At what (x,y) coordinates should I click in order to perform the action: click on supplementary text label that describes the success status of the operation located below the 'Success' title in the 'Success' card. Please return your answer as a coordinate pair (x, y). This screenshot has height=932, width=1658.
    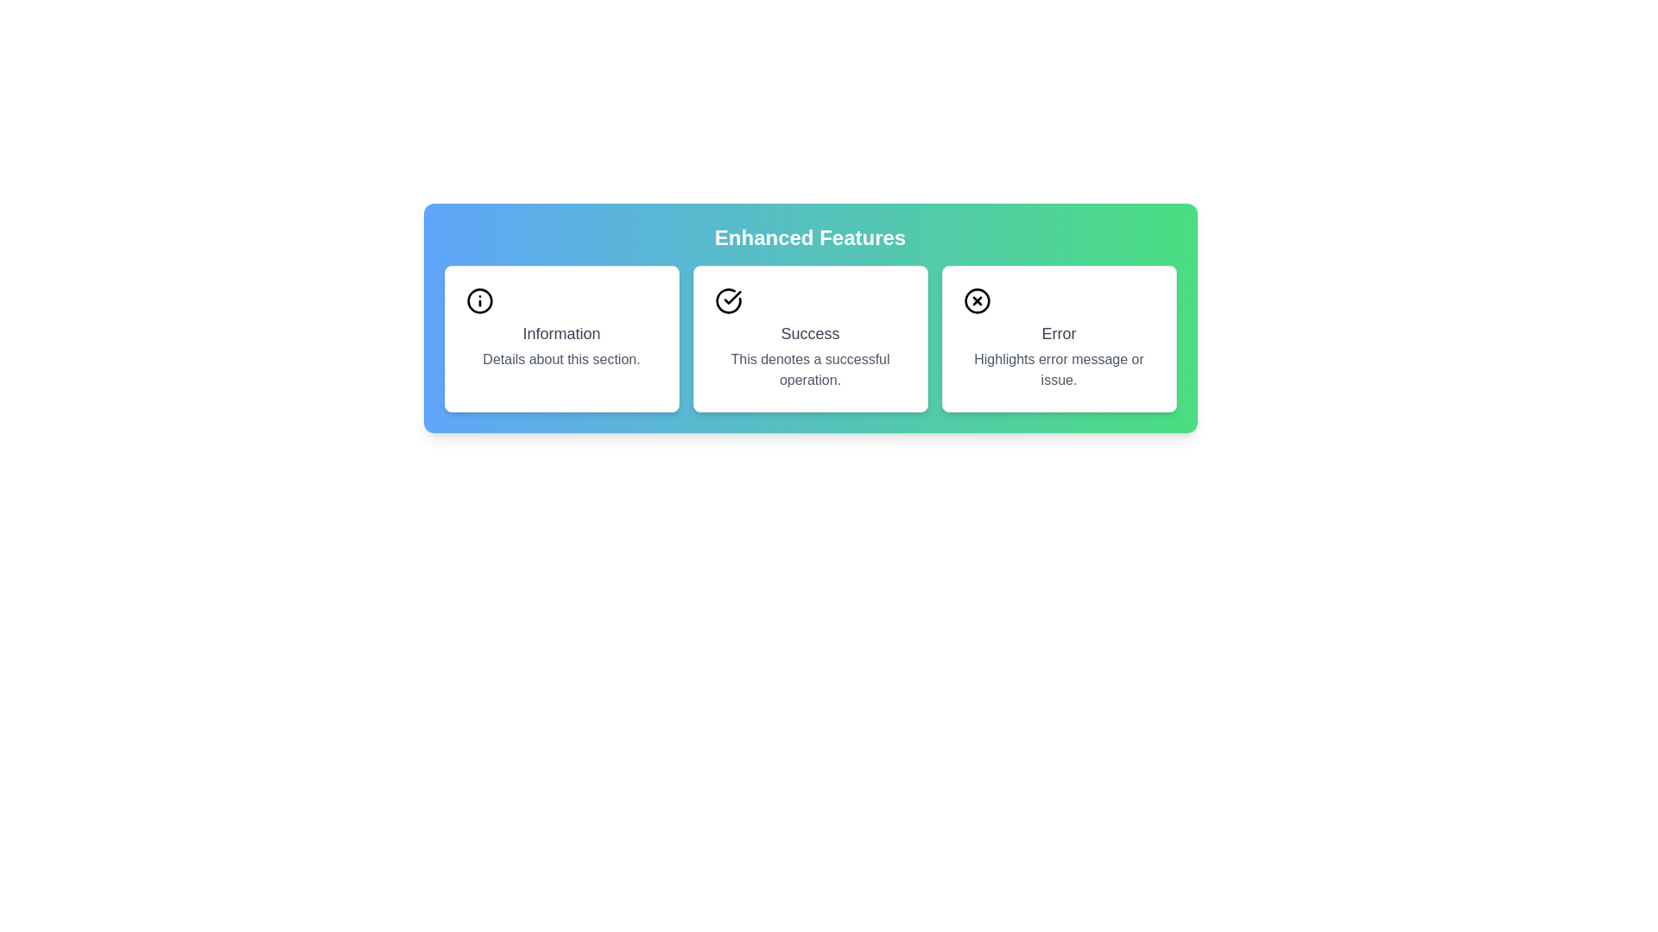
    Looking at the image, I should click on (809, 368).